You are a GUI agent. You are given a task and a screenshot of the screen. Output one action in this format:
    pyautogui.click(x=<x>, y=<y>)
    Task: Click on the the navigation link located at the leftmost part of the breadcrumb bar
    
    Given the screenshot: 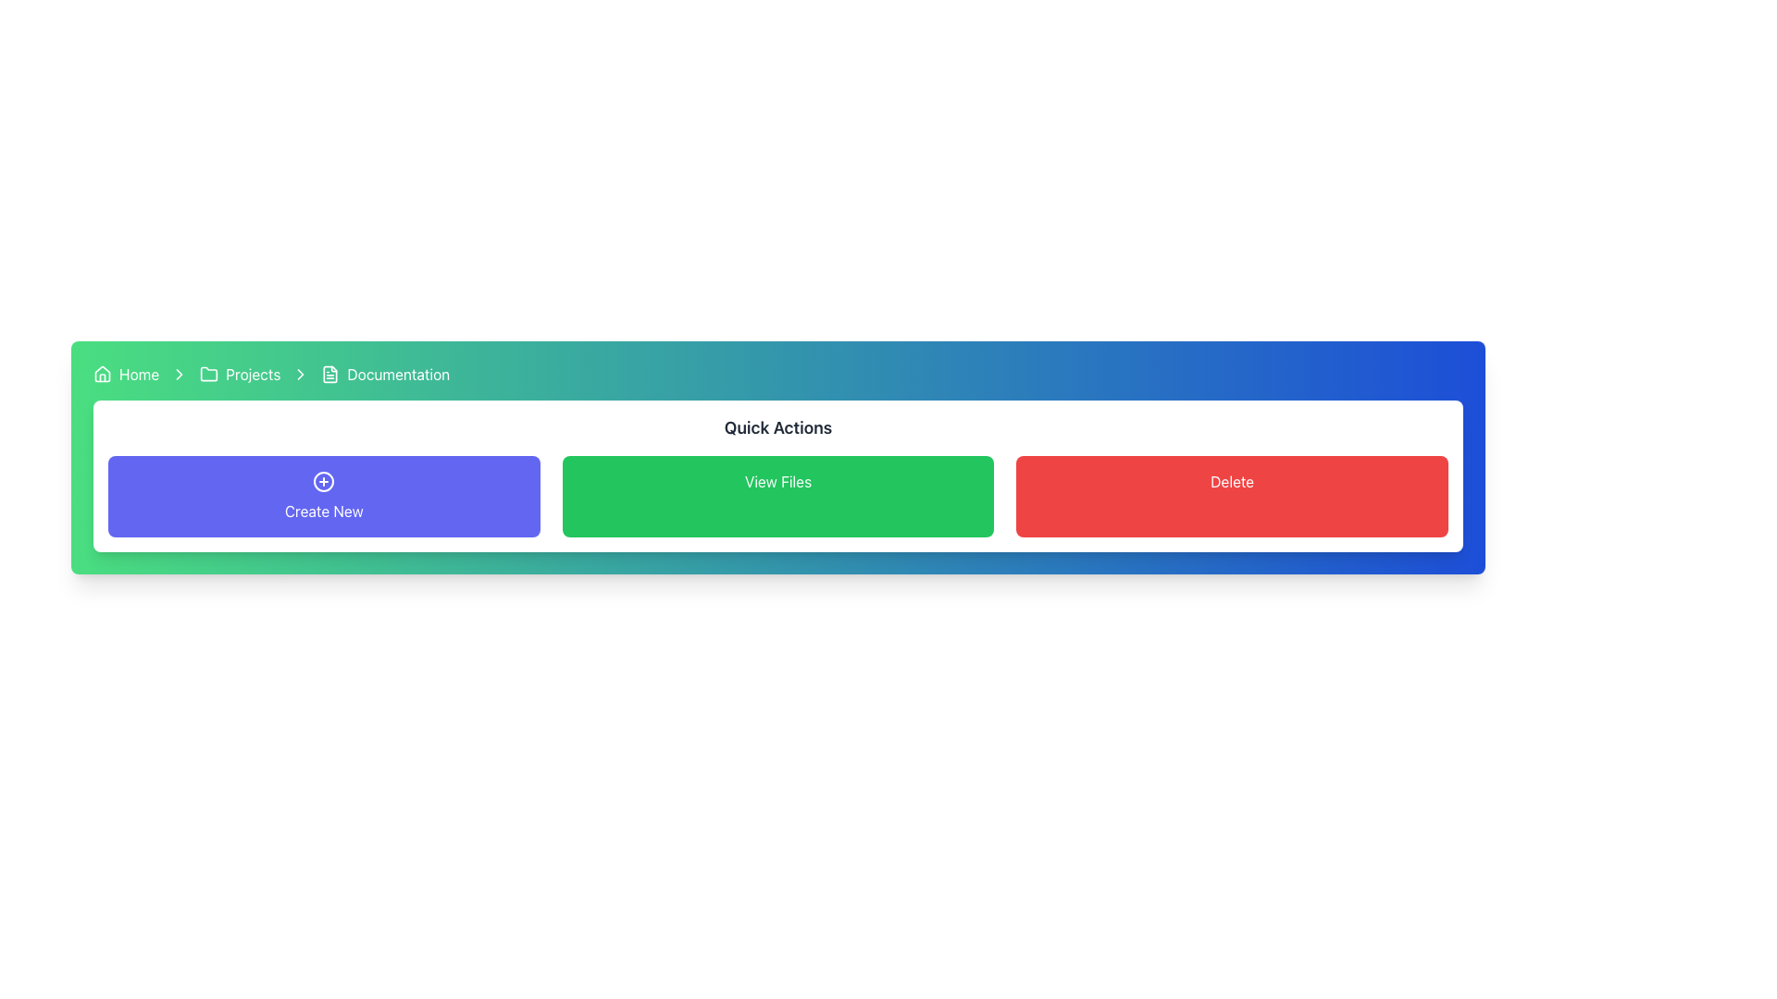 What is the action you would take?
    pyautogui.click(x=125, y=375)
    